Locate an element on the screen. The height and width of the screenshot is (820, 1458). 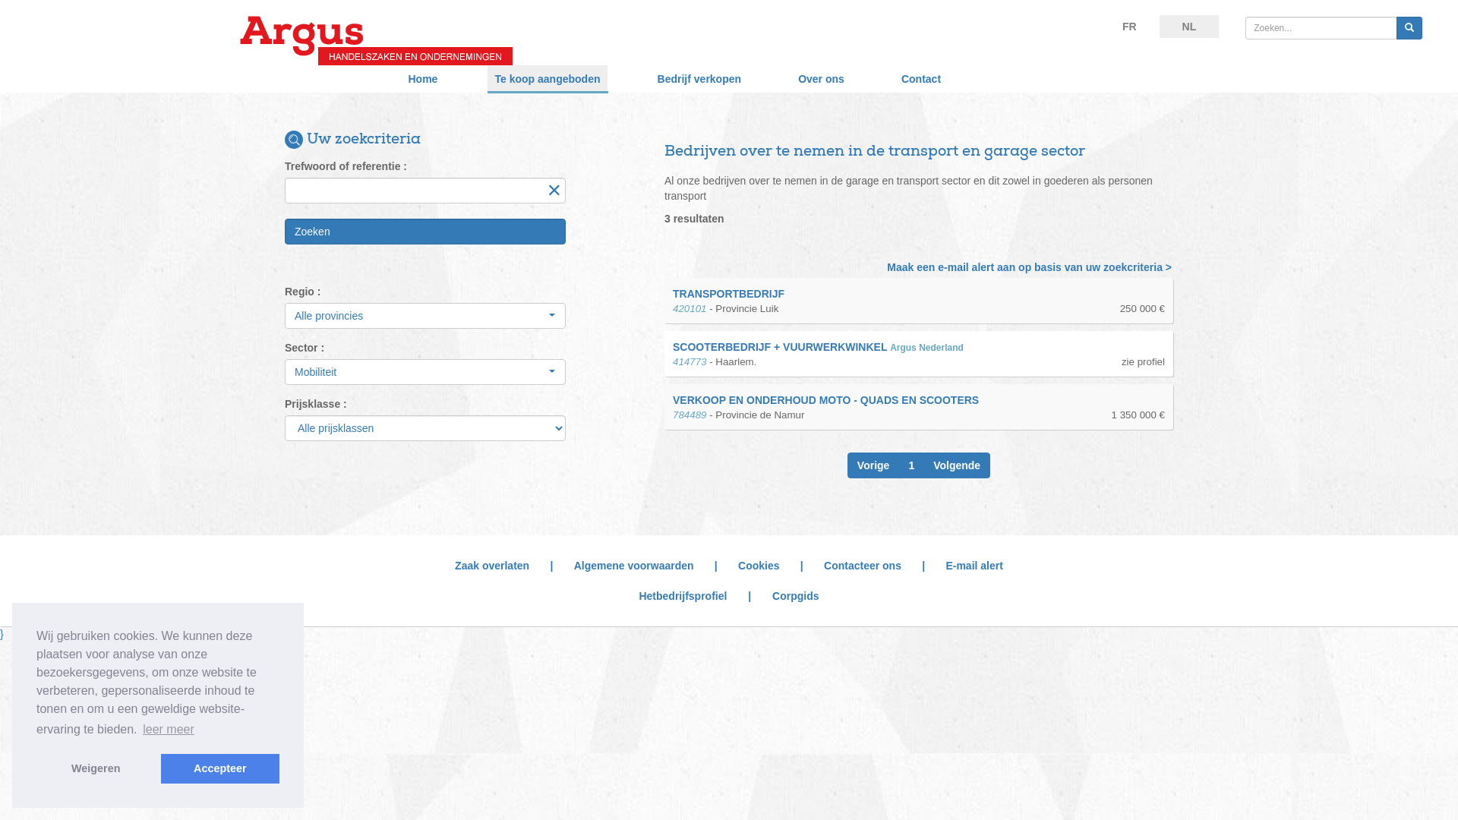
'FR' is located at coordinates (1129, 26).